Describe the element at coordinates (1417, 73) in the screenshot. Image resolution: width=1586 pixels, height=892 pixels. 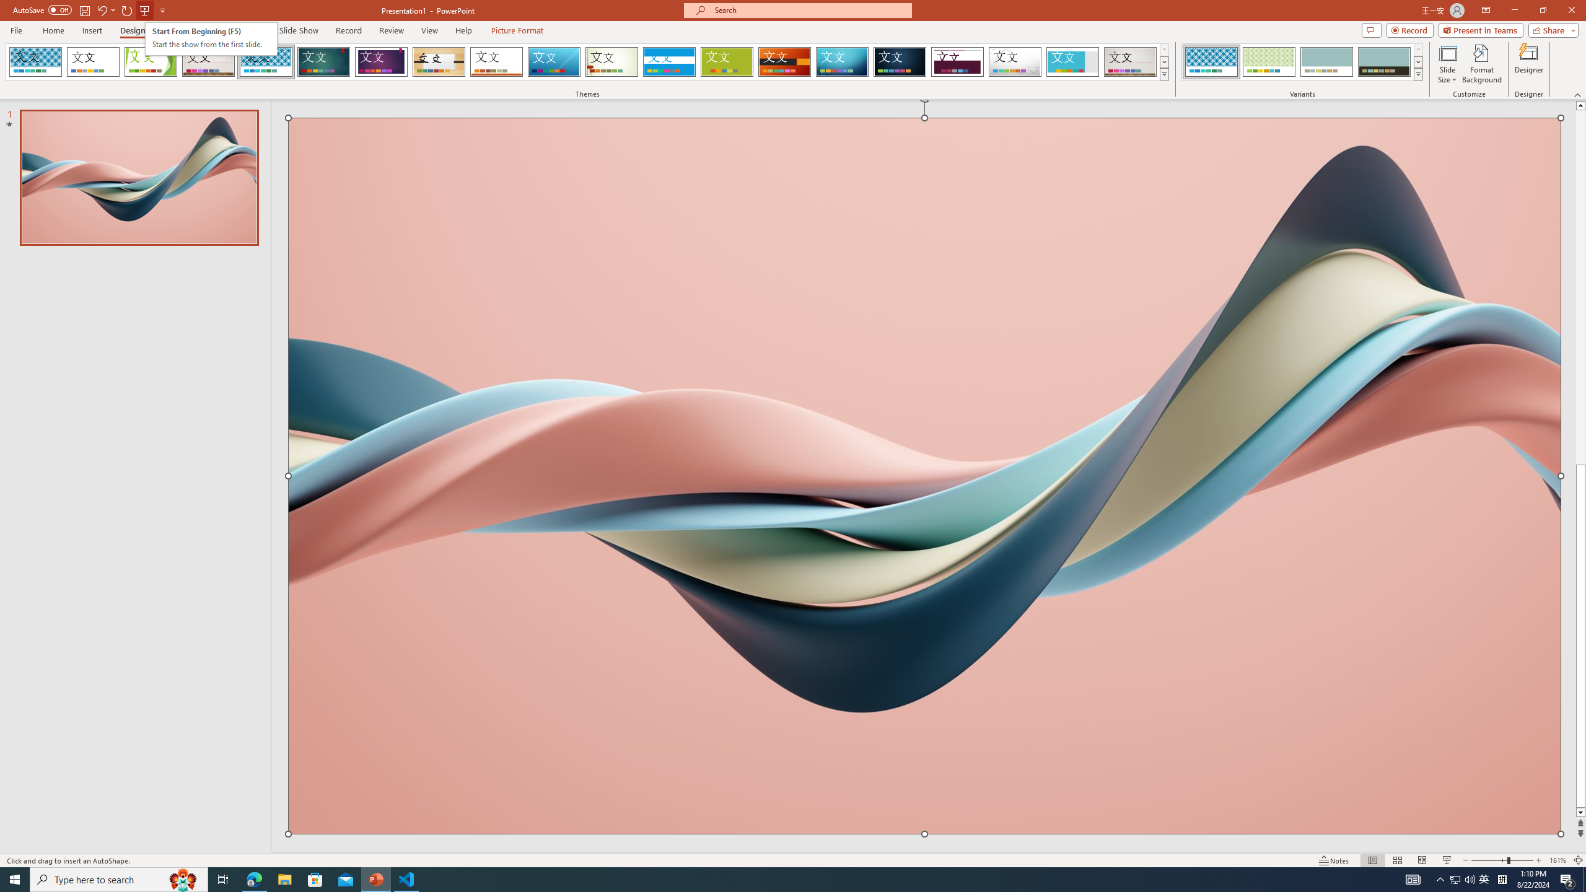
I see `'Variants'` at that location.